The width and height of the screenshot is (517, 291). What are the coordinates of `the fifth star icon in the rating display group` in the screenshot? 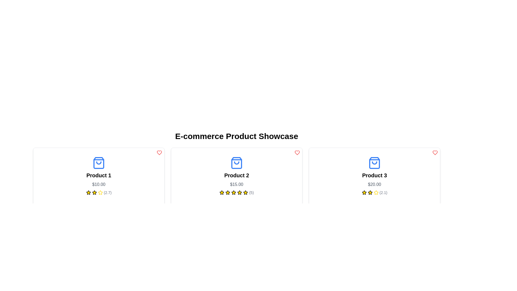 It's located at (376, 192).